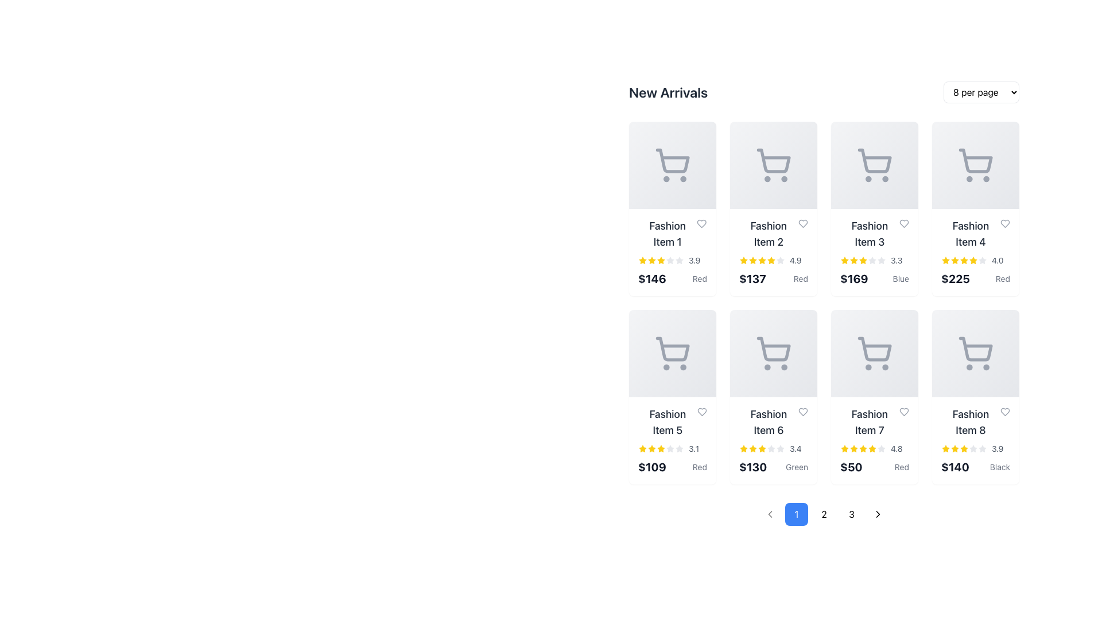  I want to click on the heart-shaped icon button at the top-right corner of the listing card for 'Fashion Item 6' to favorite or unfavorite the item, so click(802, 411).